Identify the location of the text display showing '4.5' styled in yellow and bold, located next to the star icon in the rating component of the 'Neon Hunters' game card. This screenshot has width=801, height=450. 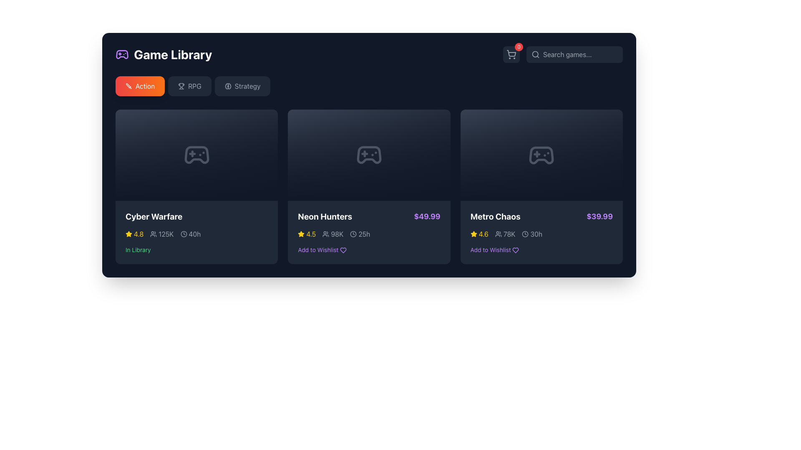
(310, 234).